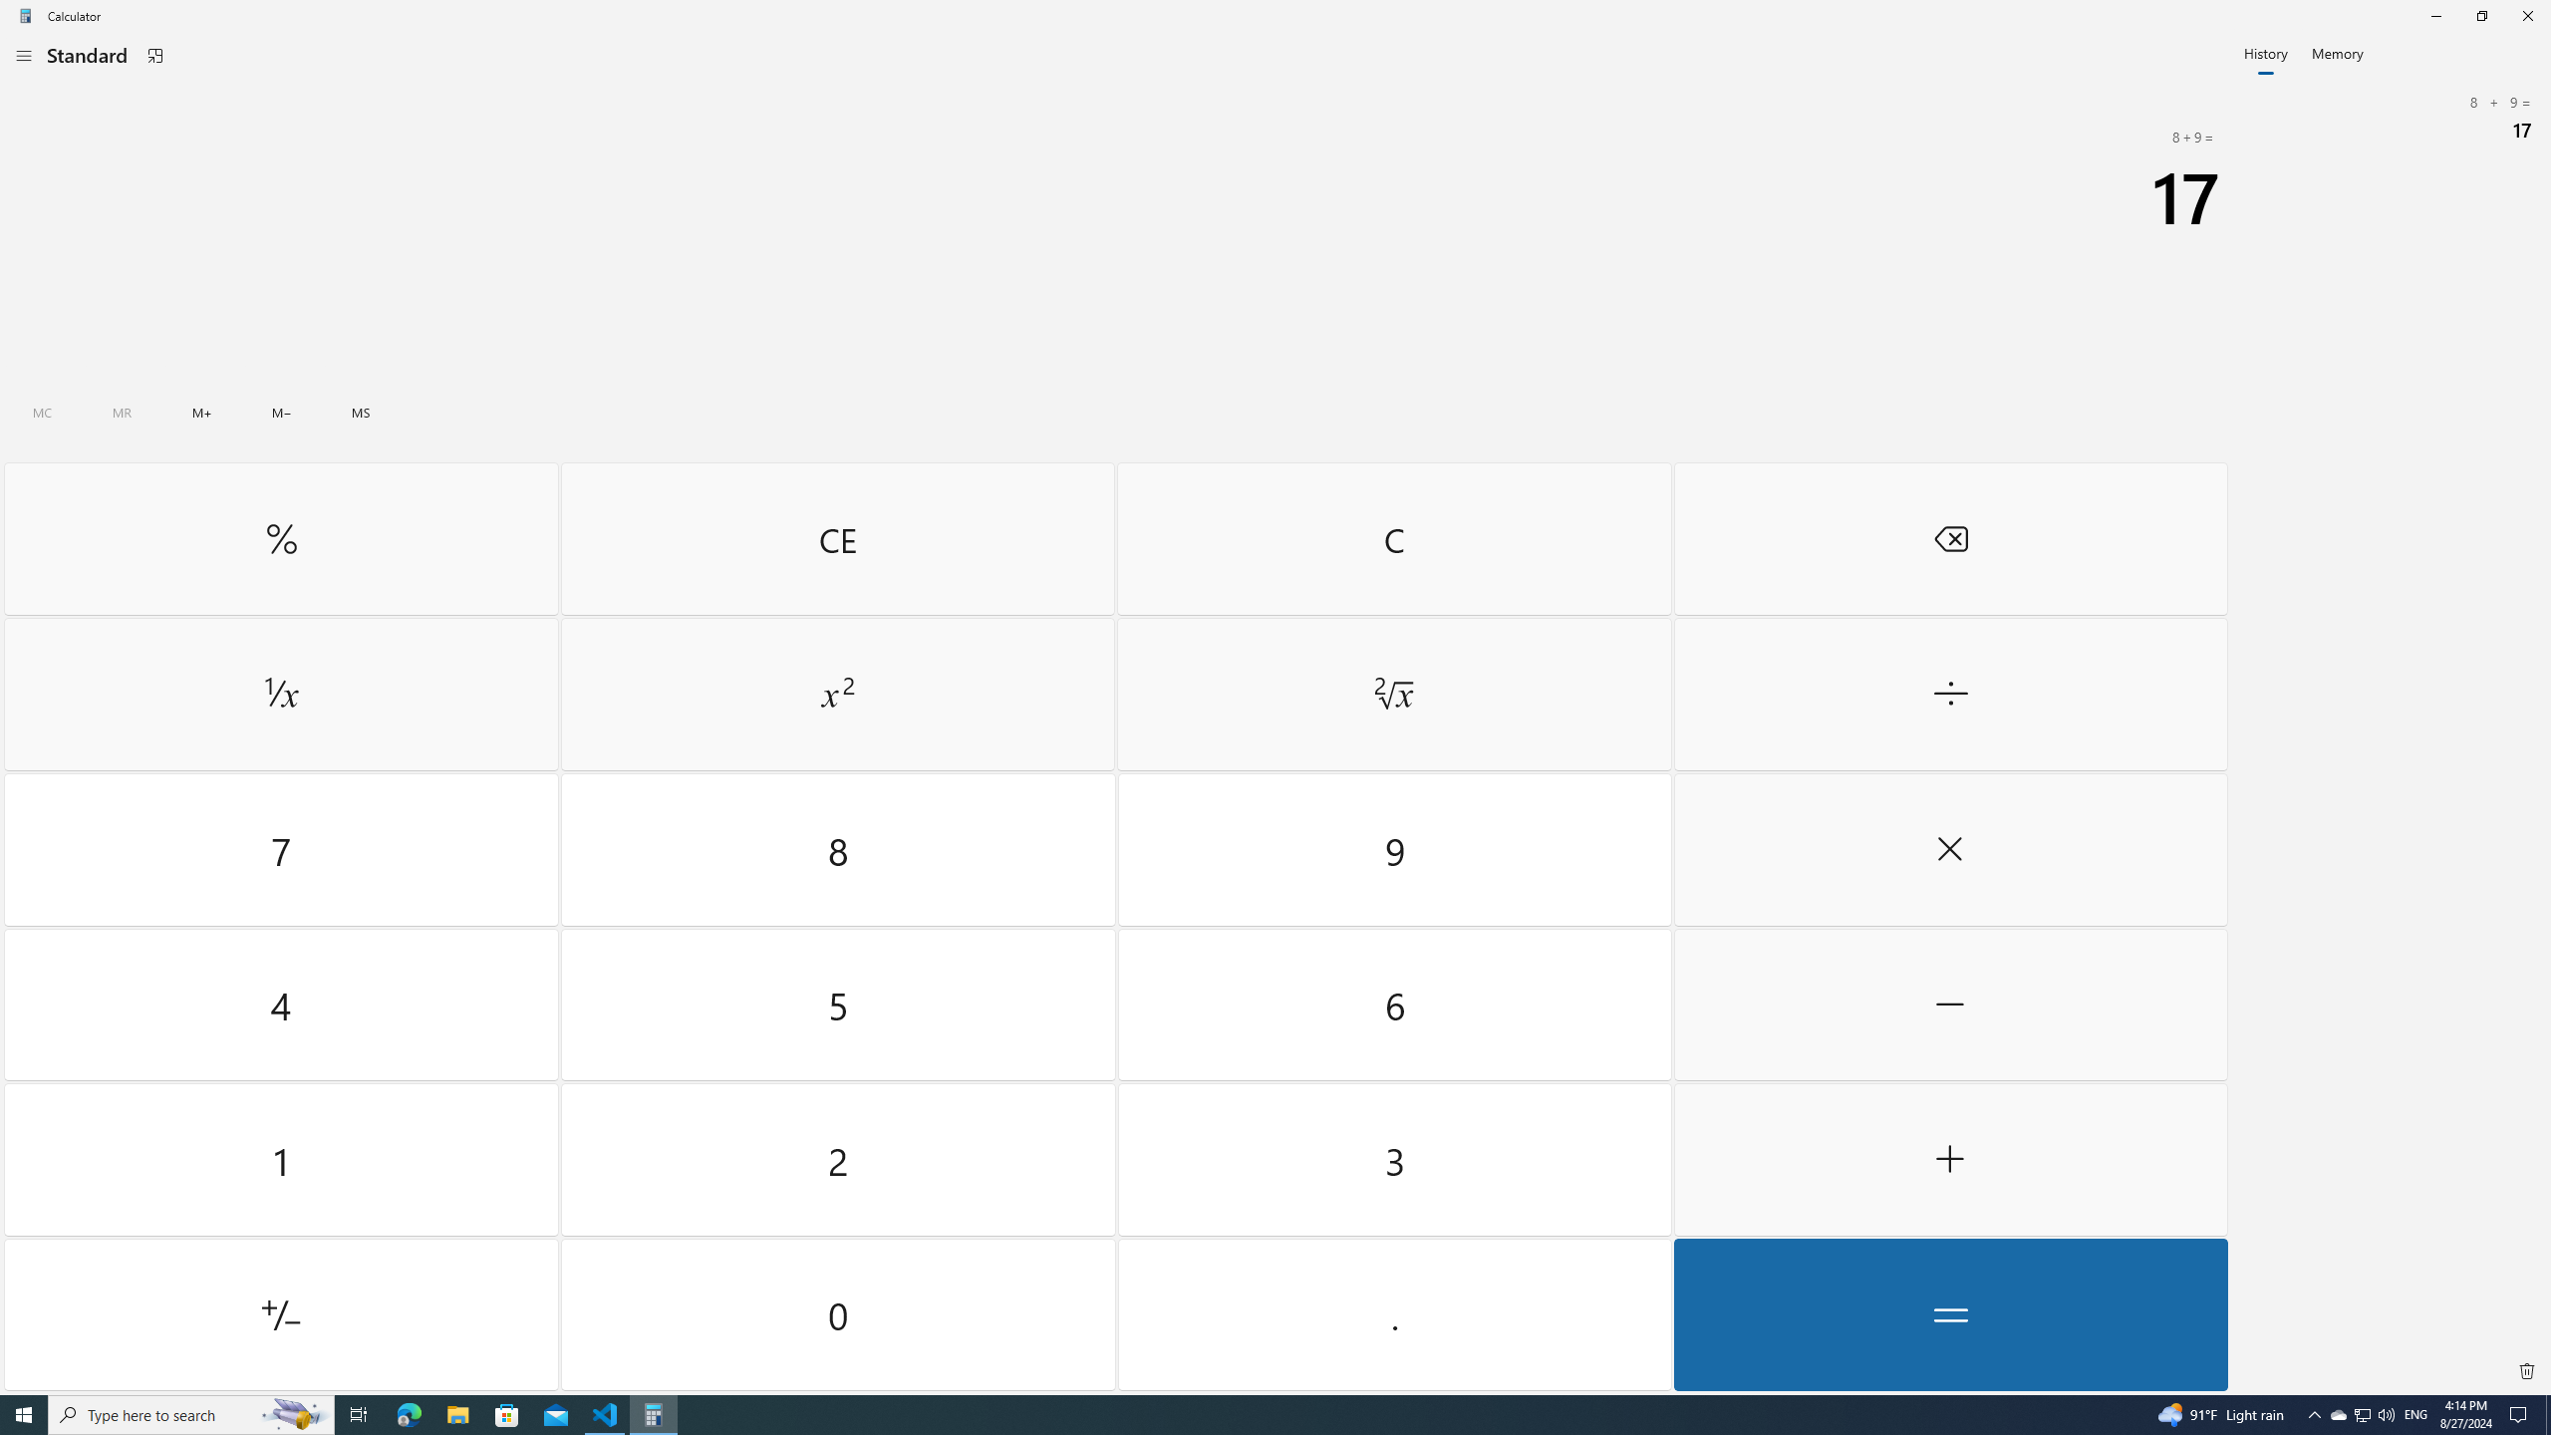  Describe the element at coordinates (154, 55) in the screenshot. I see `'Keep on top'` at that location.